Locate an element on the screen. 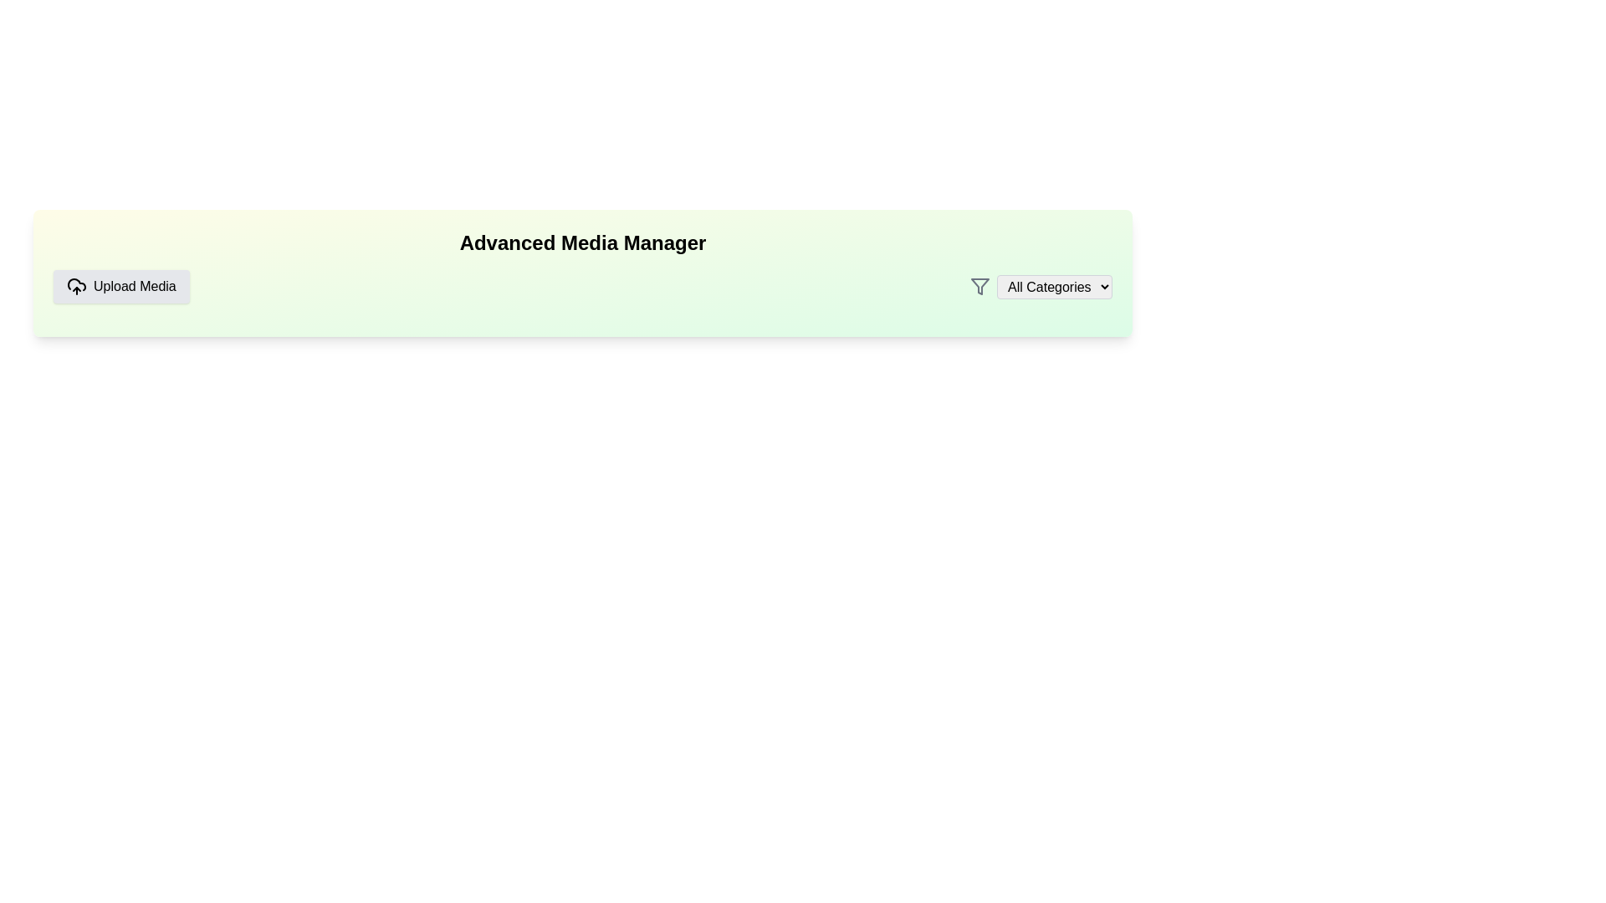 The height and width of the screenshot is (903, 1606). the cloud icon with an upward arrow located to the left of the 'Upload Media' button is located at coordinates (75, 286).